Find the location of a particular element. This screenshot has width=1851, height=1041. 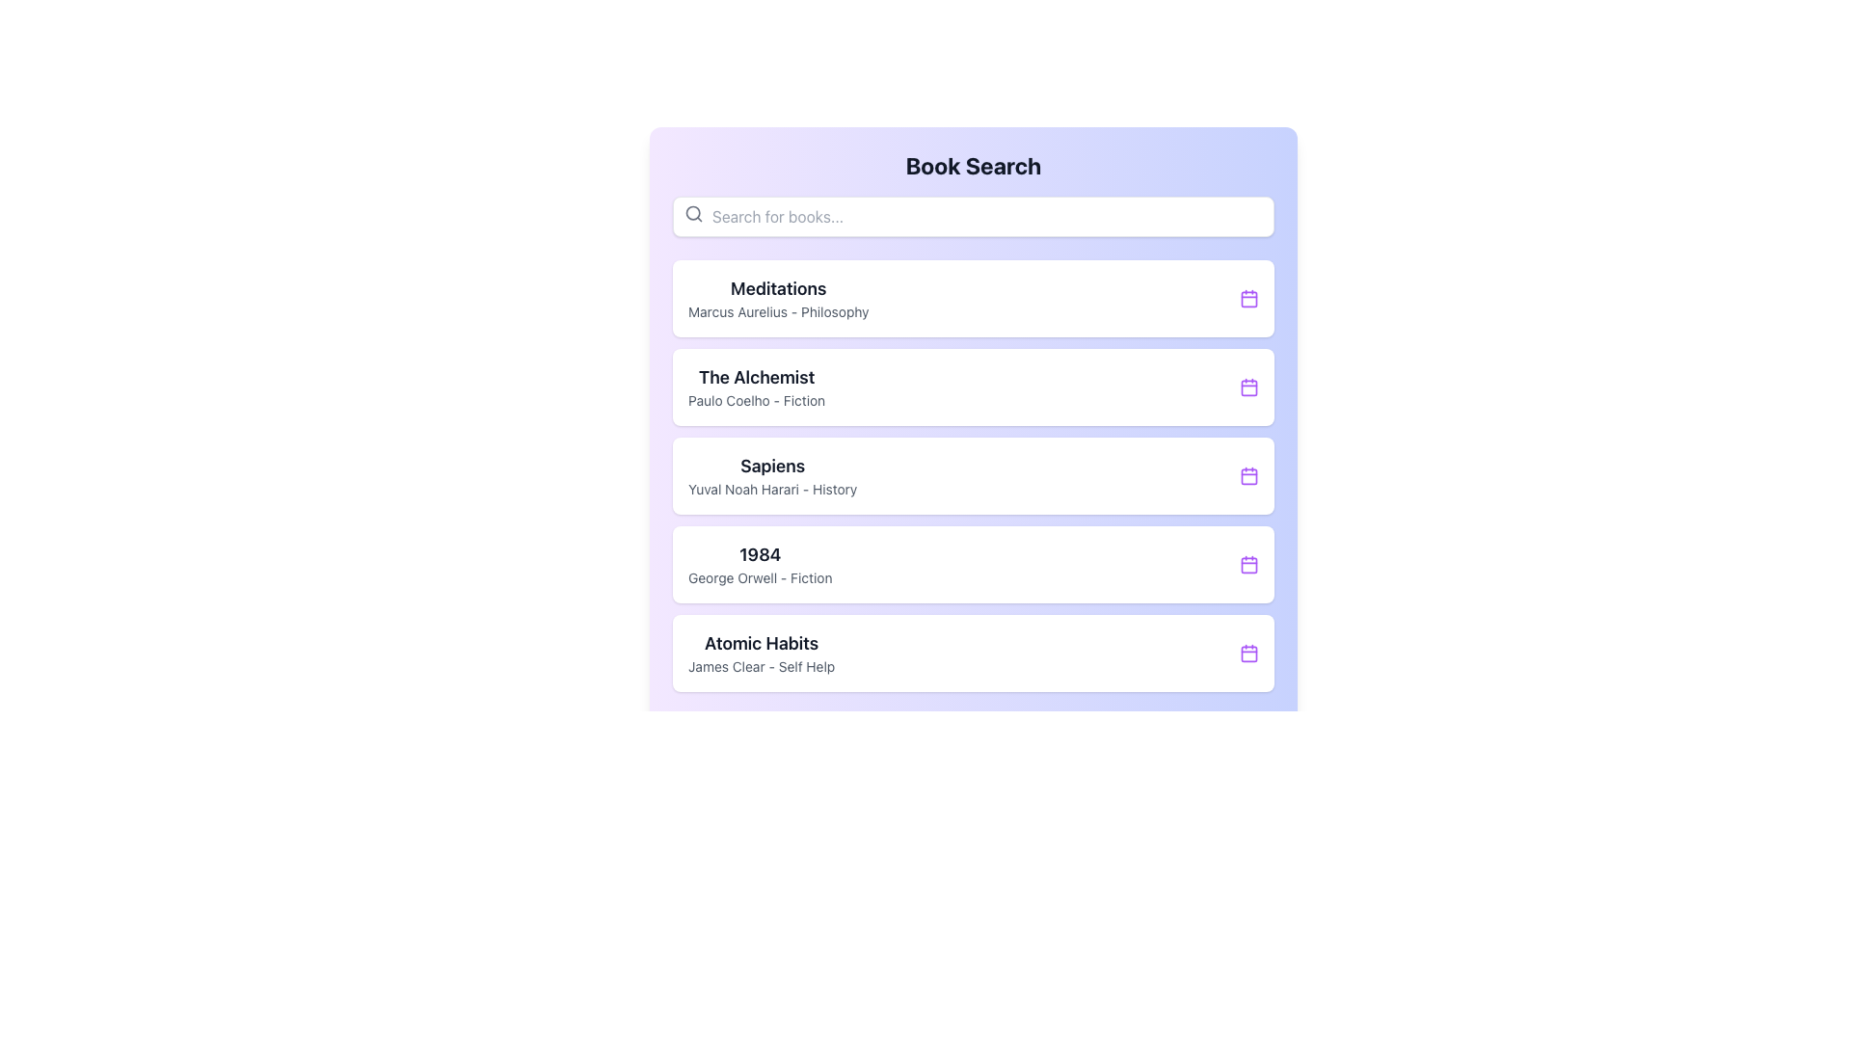

the small square with rounded corners located within the calendar icon at the right end of the 'Sapiens' row in the list of books is located at coordinates (1249, 475).